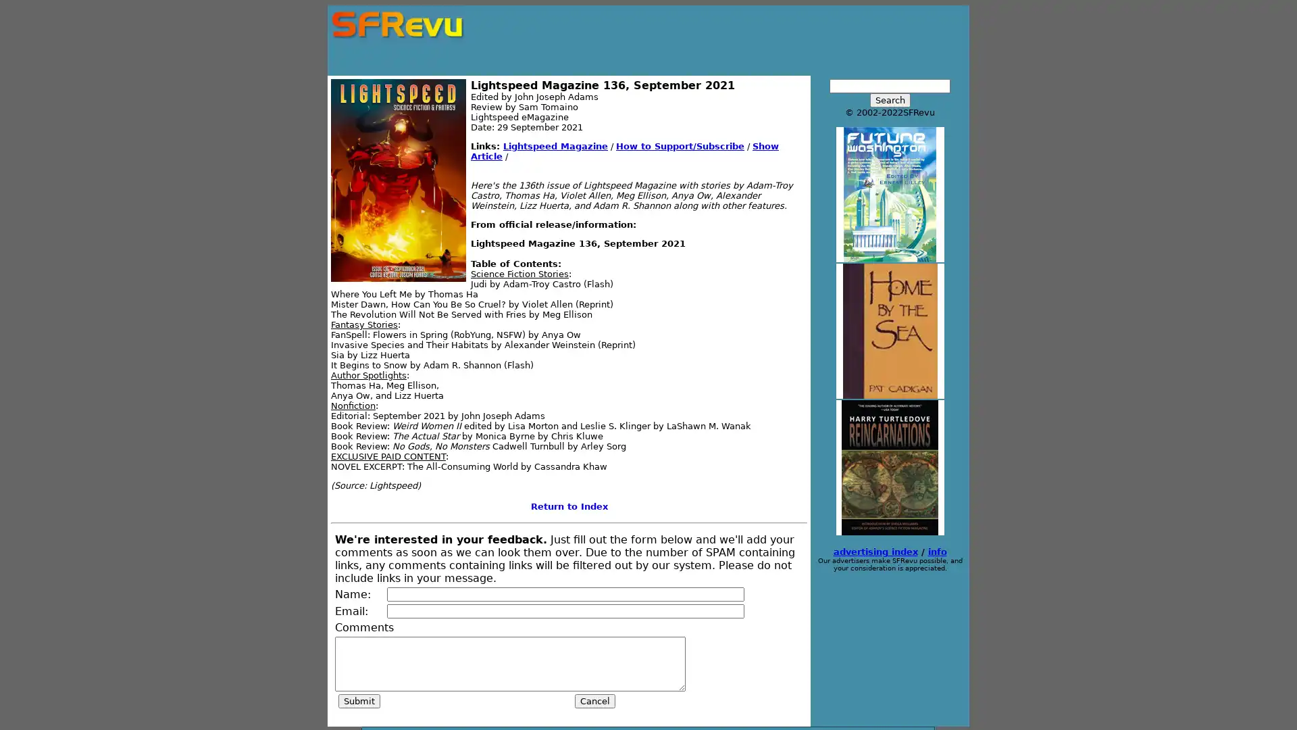 The image size is (1297, 730). Describe the element at coordinates (889, 99) in the screenshot. I see `Search` at that location.